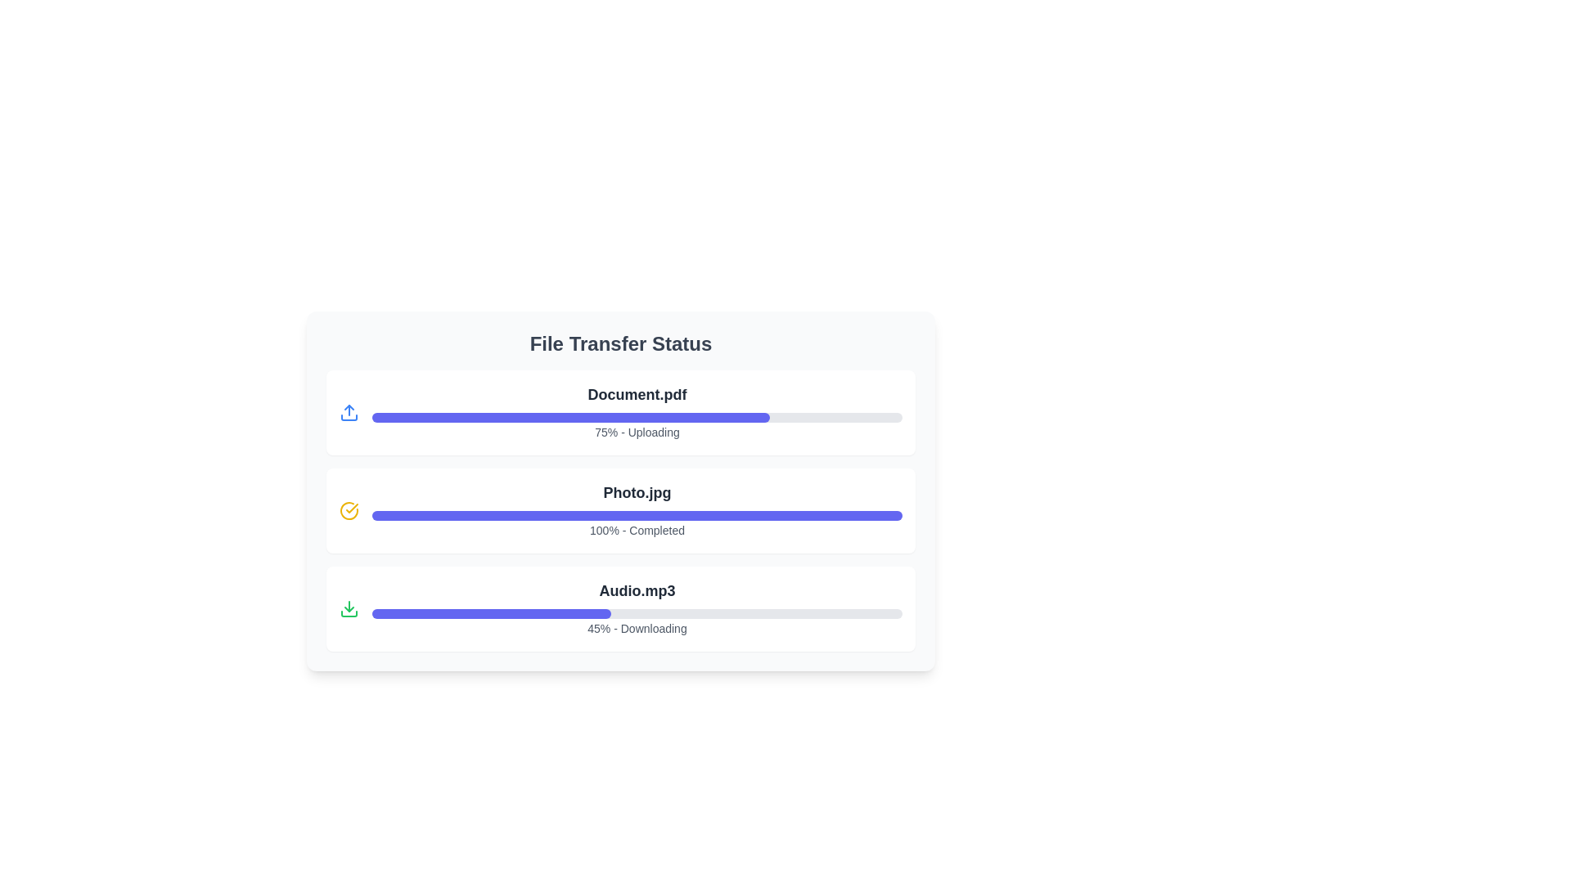 The height and width of the screenshot is (883, 1571). I want to click on static text label 'Audio.mp3' displayed in bold, large gray font within the 'File Transfer Status' section of the interface, so click(636, 590).